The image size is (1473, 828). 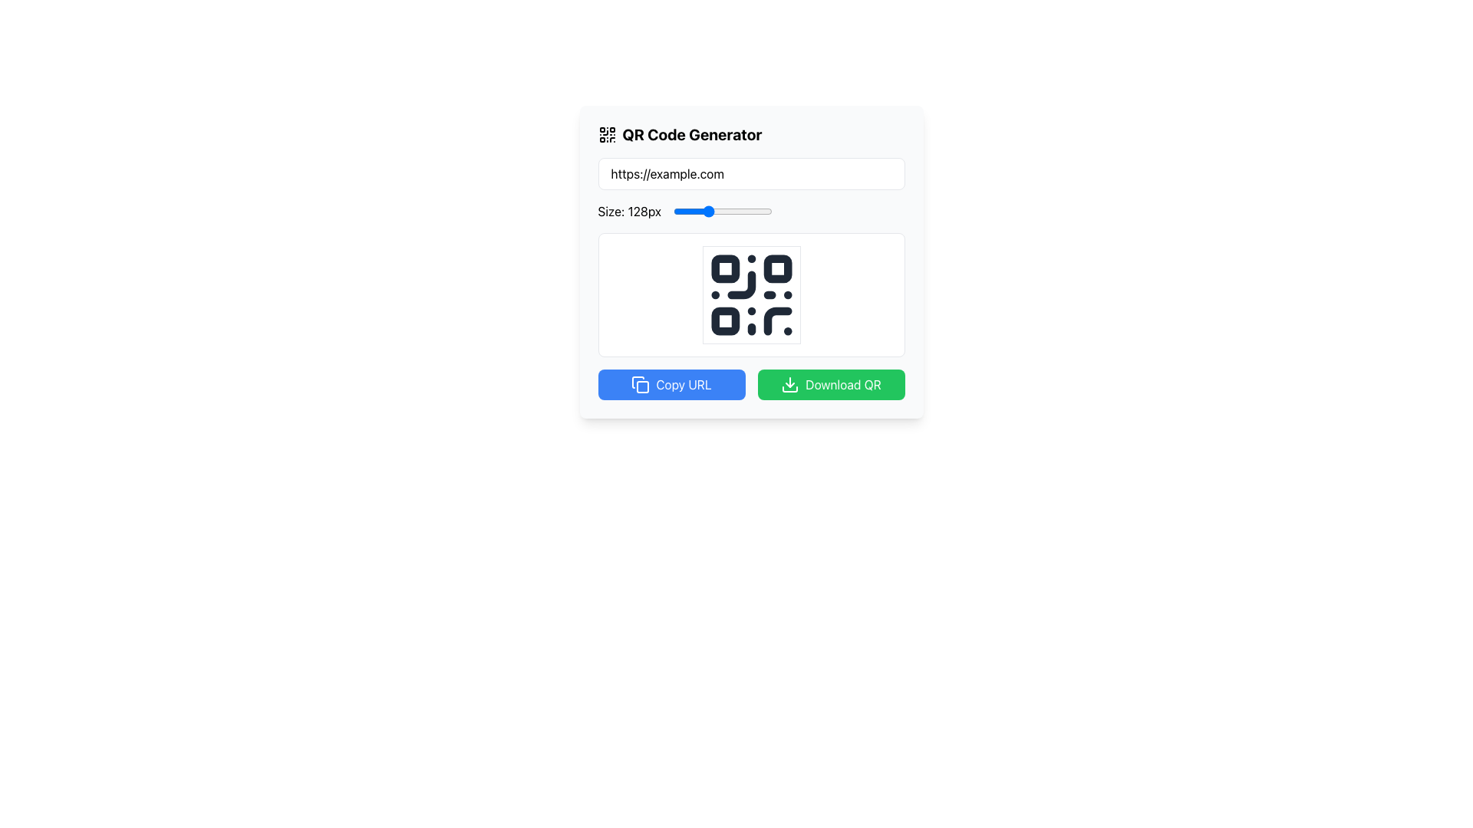 I want to click on the small white square with rounded corners located at the top-left corner of the QR code symbol in the middle of the panel, so click(x=724, y=268).